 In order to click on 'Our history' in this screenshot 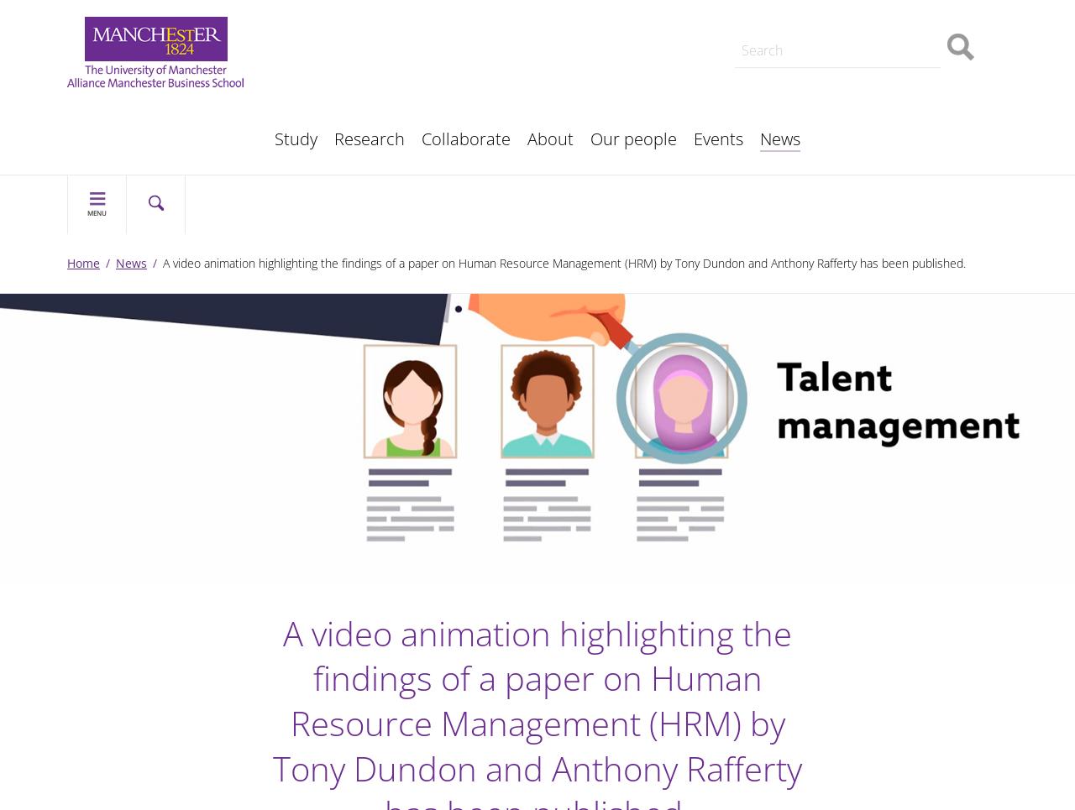, I will do `click(821, 19)`.